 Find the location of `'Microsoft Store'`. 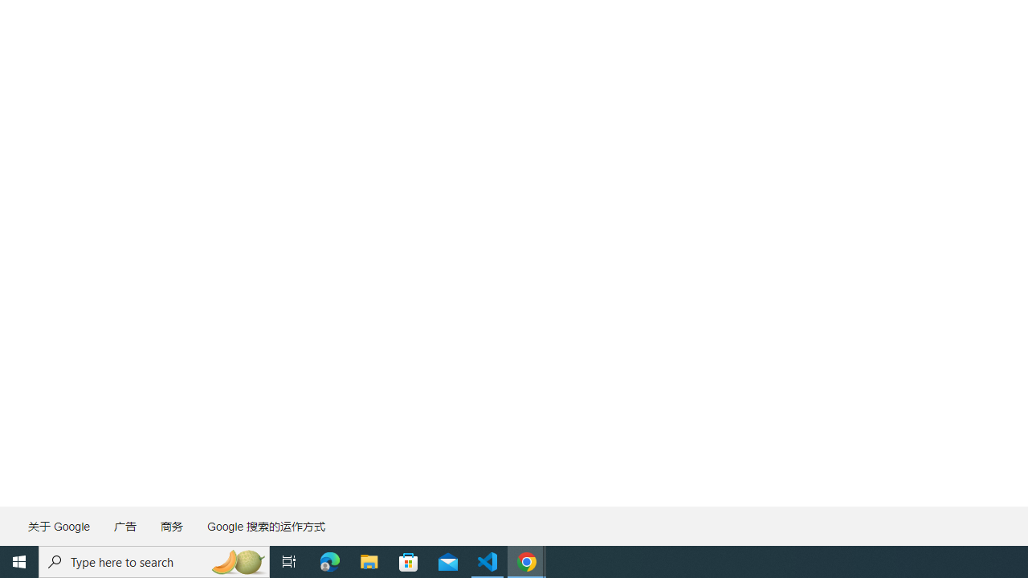

'Microsoft Store' is located at coordinates (409, 560).